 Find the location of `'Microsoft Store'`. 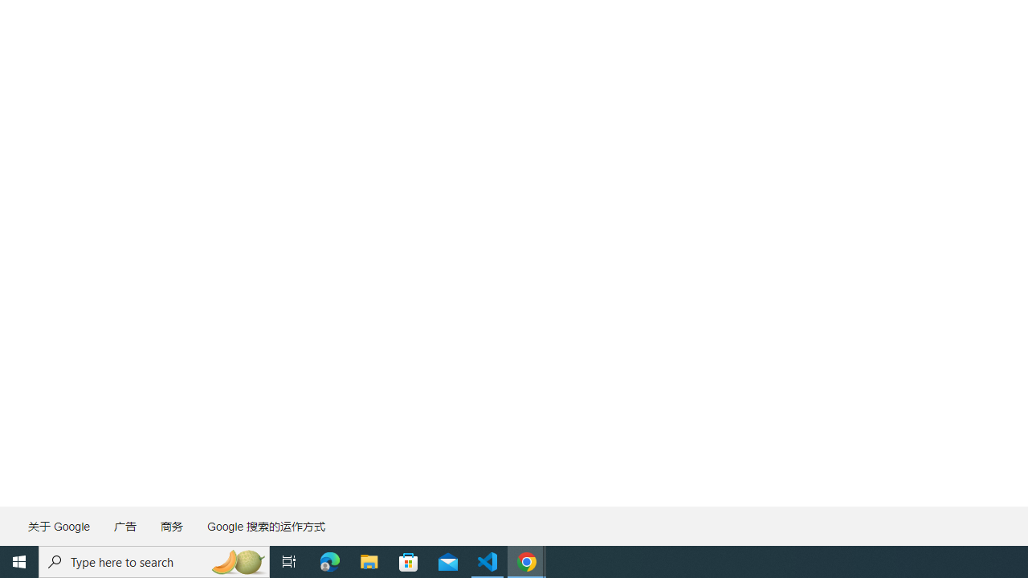

'Microsoft Store' is located at coordinates (409, 560).